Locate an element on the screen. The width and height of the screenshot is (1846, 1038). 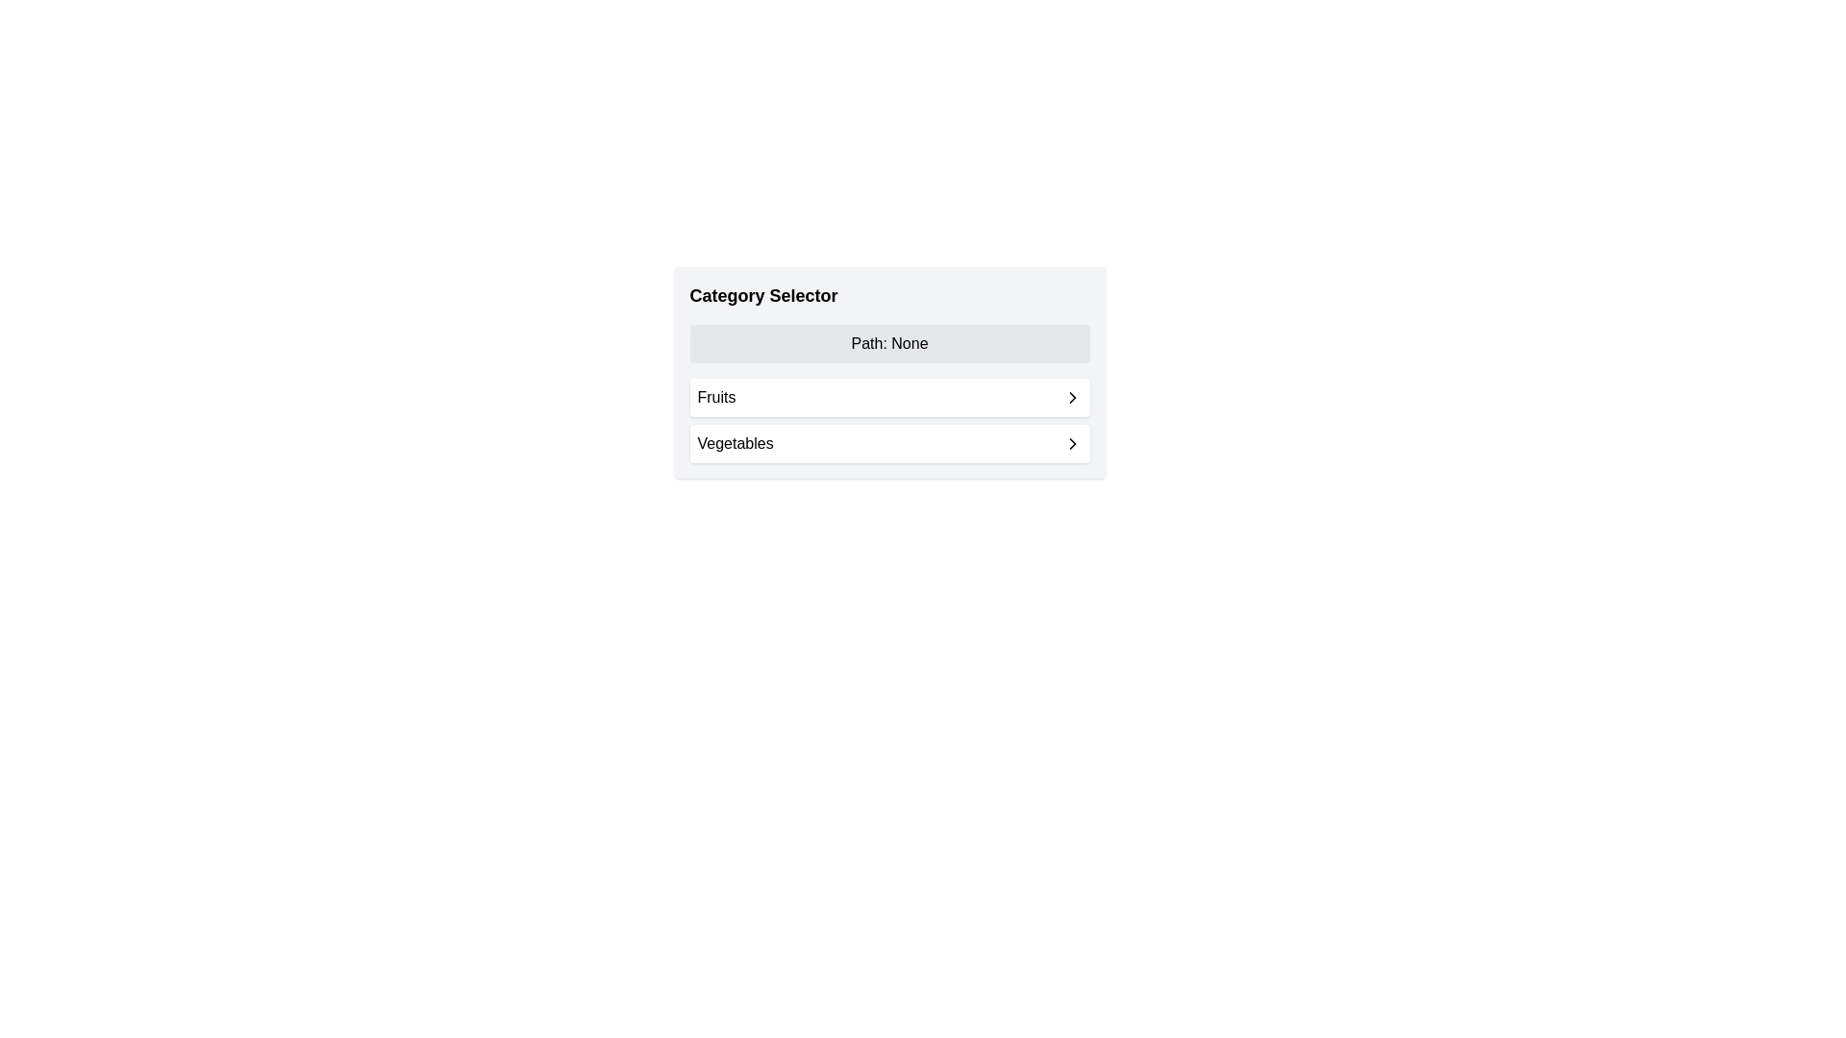
the Label or Text Display located within the 'Category Selector' box, positioned below the title 'Category Selector' and above the 'Fruits' and 'Vegetables' buttons is located at coordinates (888, 343).